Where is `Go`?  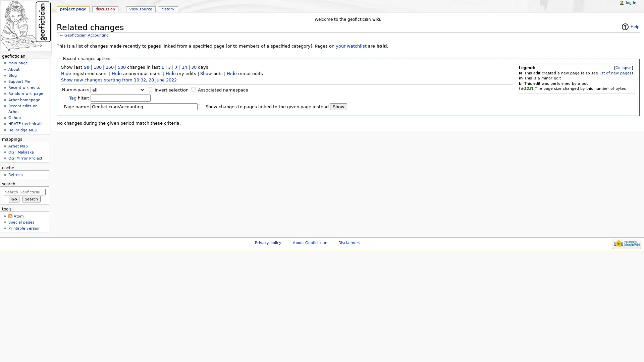 Go is located at coordinates (14, 199).